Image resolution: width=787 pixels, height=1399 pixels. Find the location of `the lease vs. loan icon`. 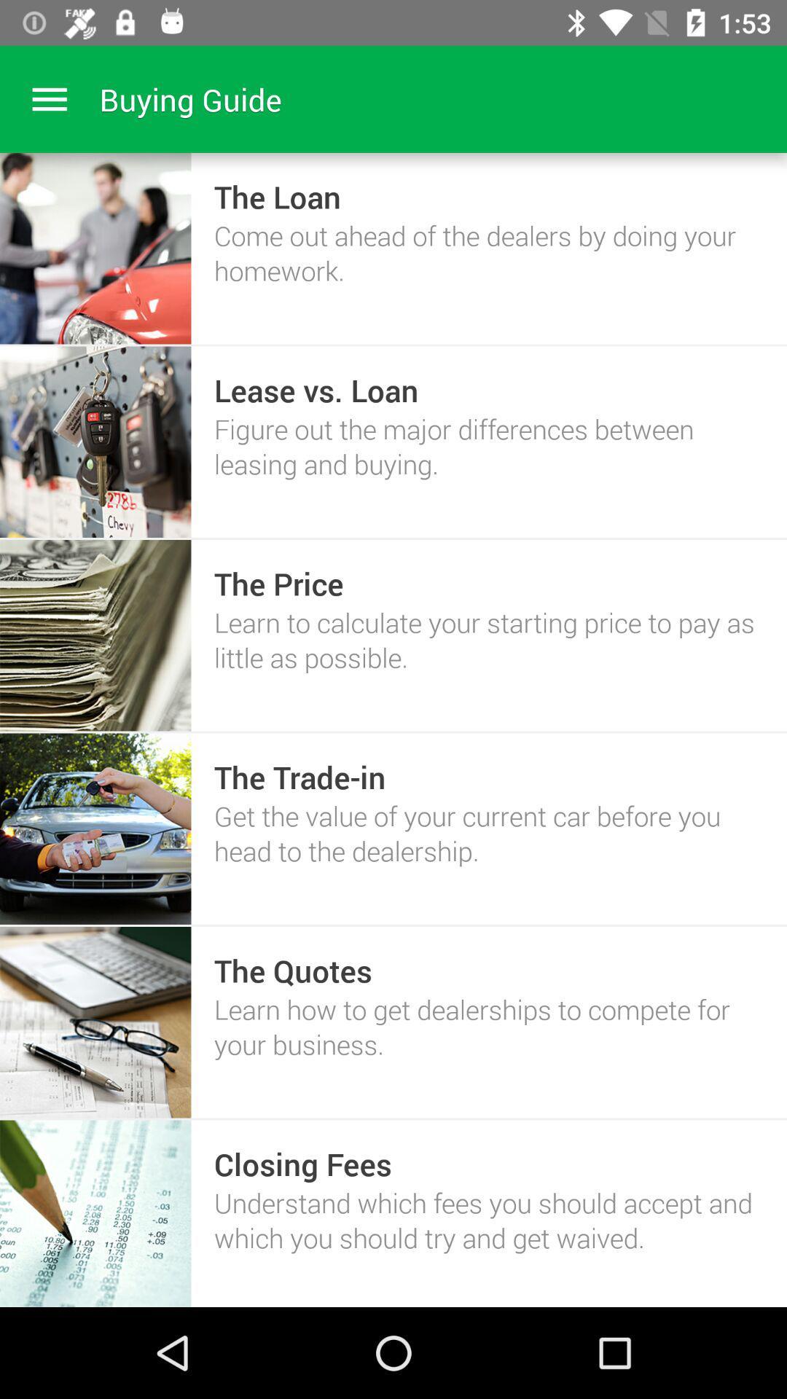

the lease vs. loan icon is located at coordinates (316, 390).